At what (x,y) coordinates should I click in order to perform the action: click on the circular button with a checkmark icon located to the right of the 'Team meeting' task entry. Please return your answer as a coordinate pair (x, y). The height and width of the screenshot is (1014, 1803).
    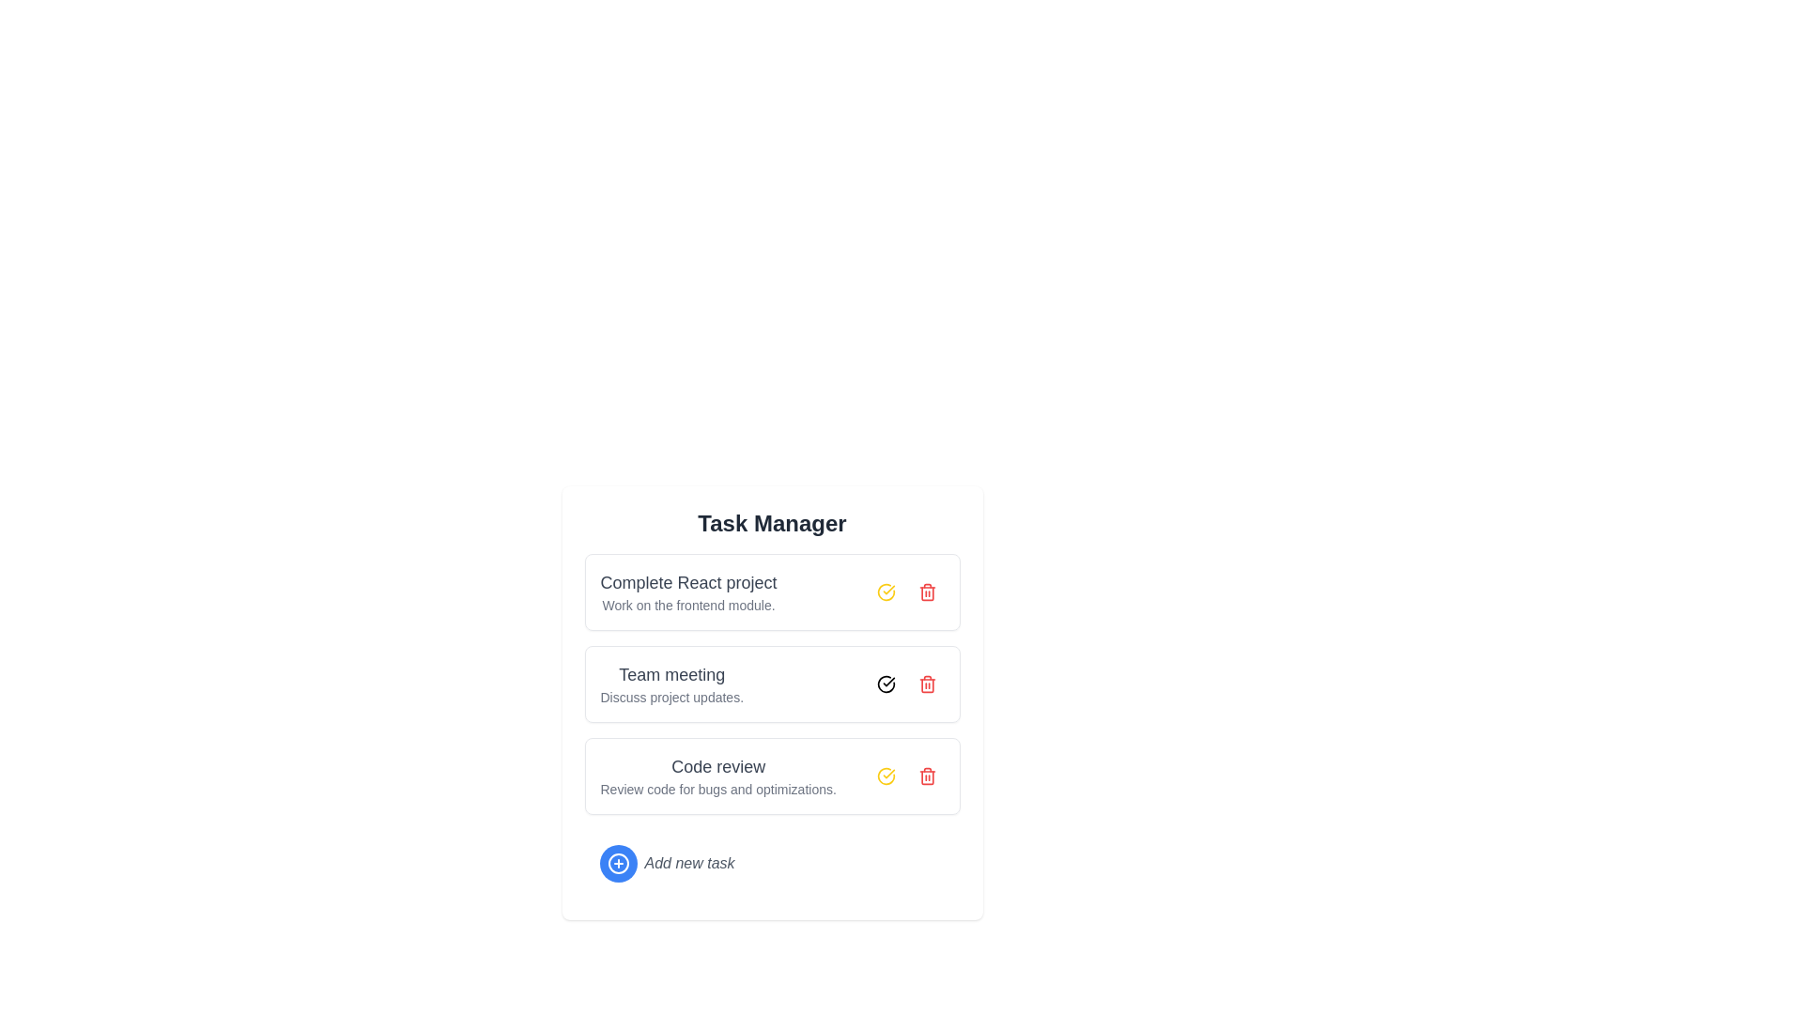
    Looking at the image, I should click on (885, 684).